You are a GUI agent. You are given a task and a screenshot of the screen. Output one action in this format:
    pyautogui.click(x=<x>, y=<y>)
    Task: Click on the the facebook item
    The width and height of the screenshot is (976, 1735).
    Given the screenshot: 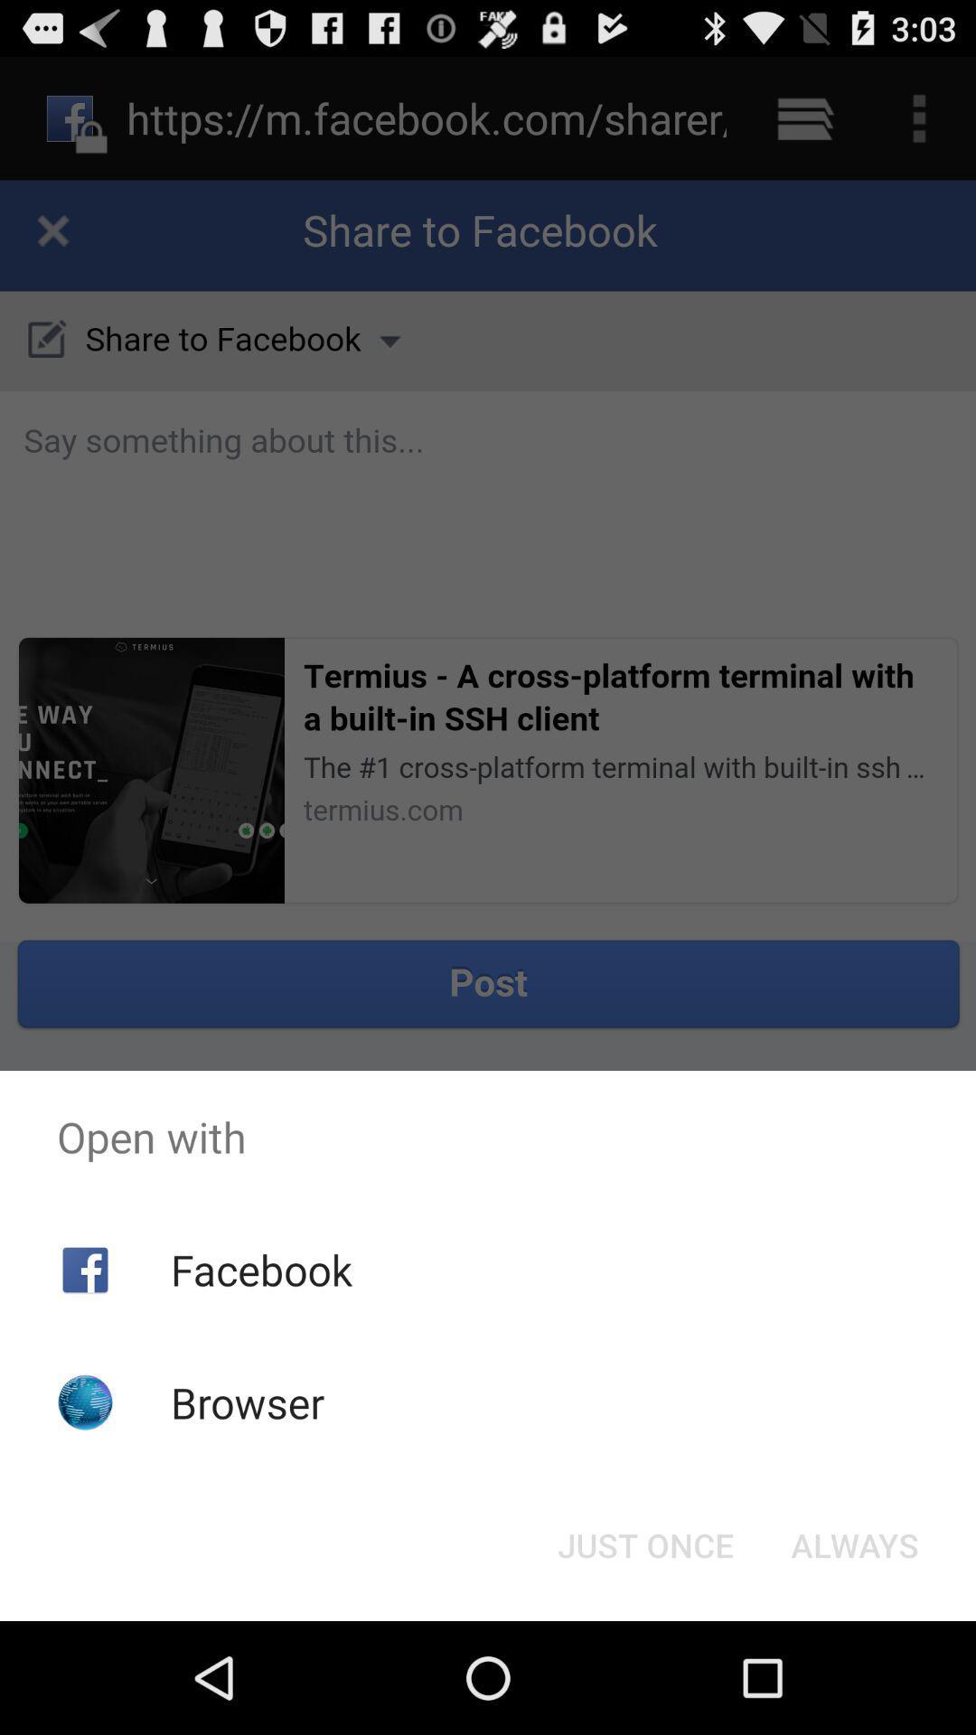 What is the action you would take?
    pyautogui.click(x=261, y=1269)
    